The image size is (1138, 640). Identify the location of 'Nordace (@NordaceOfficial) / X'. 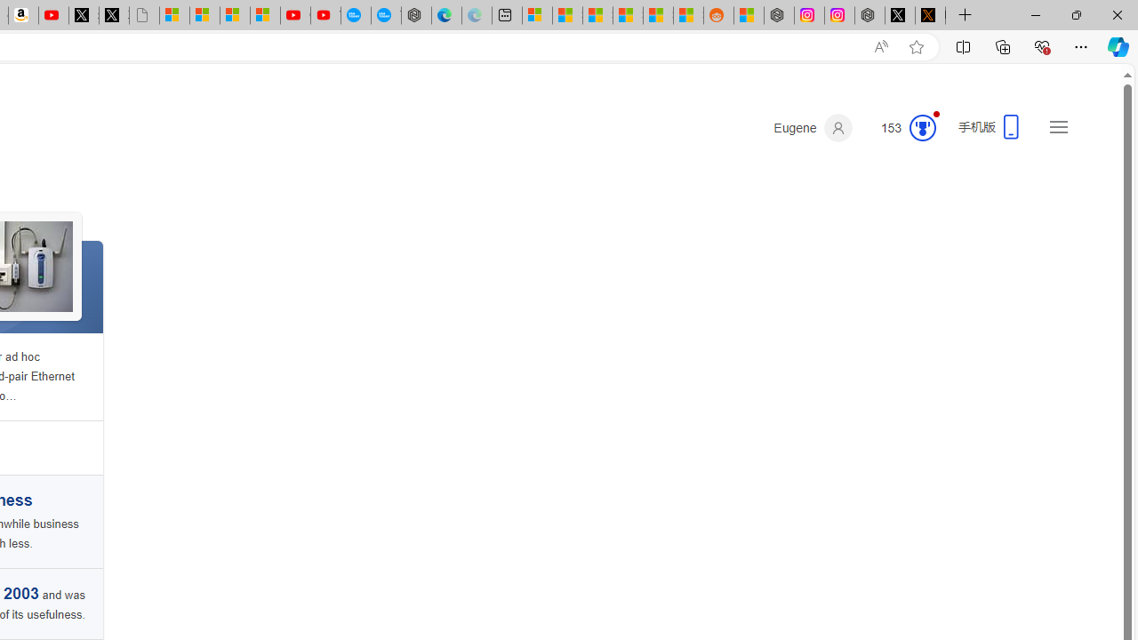
(900, 15).